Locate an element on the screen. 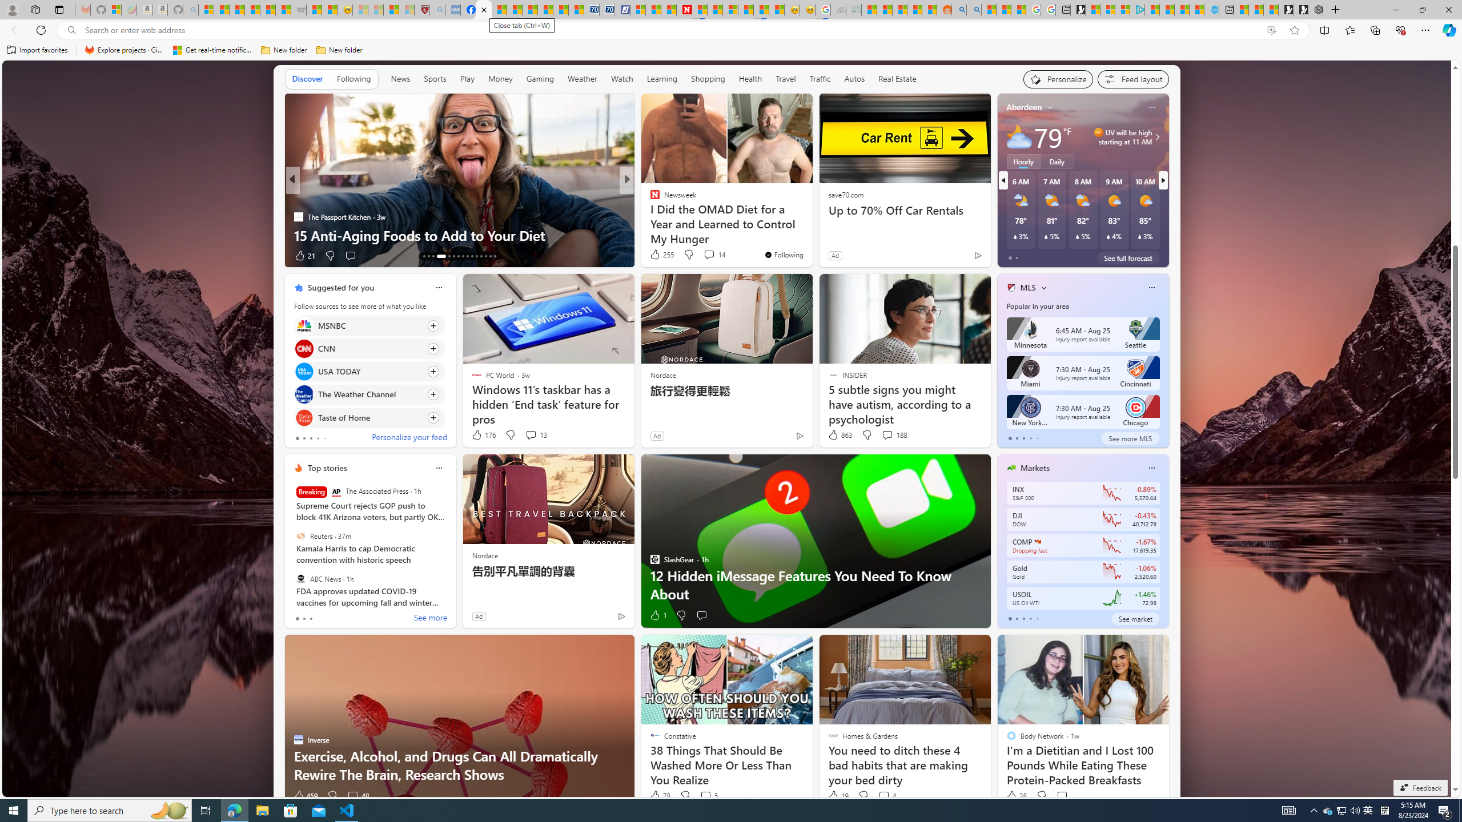 The width and height of the screenshot is (1462, 822). 'View comments 24 Comment' is located at coordinates (710, 255).